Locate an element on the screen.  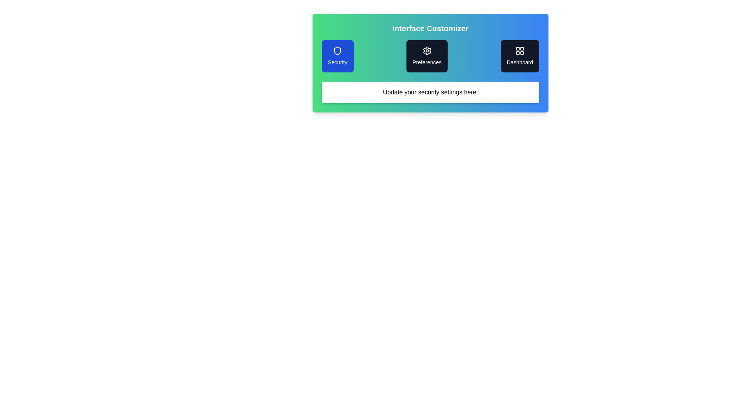
the grid-like icon composed of four smaller squares, styled with a line art design, that is positioned within the 'Dashboard' card is located at coordinates (520, 50).